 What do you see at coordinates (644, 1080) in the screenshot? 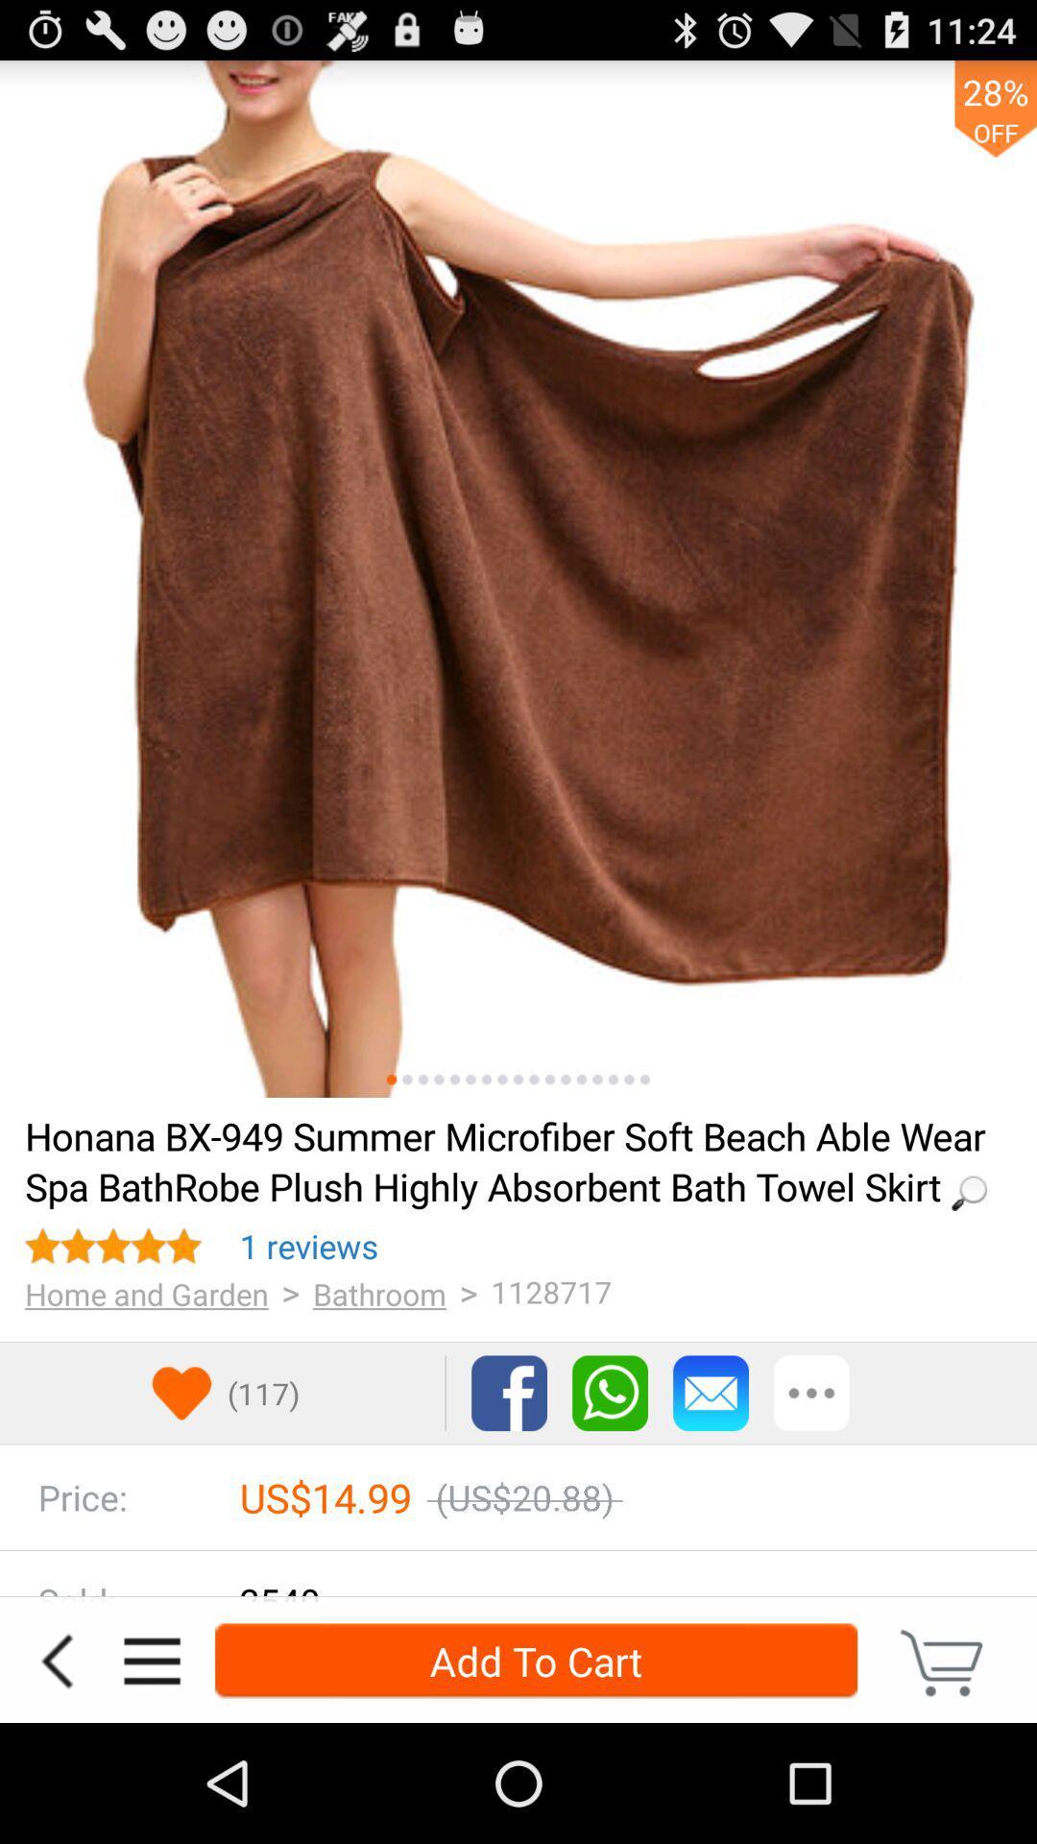
I see `picture` at bounding box center [644, 1080].